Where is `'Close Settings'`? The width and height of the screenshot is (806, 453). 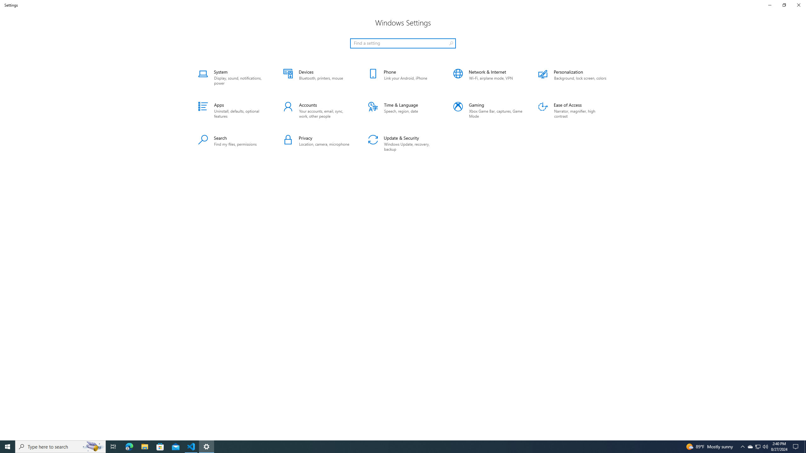
'Close Settings' is located at coordinates (798, 5).